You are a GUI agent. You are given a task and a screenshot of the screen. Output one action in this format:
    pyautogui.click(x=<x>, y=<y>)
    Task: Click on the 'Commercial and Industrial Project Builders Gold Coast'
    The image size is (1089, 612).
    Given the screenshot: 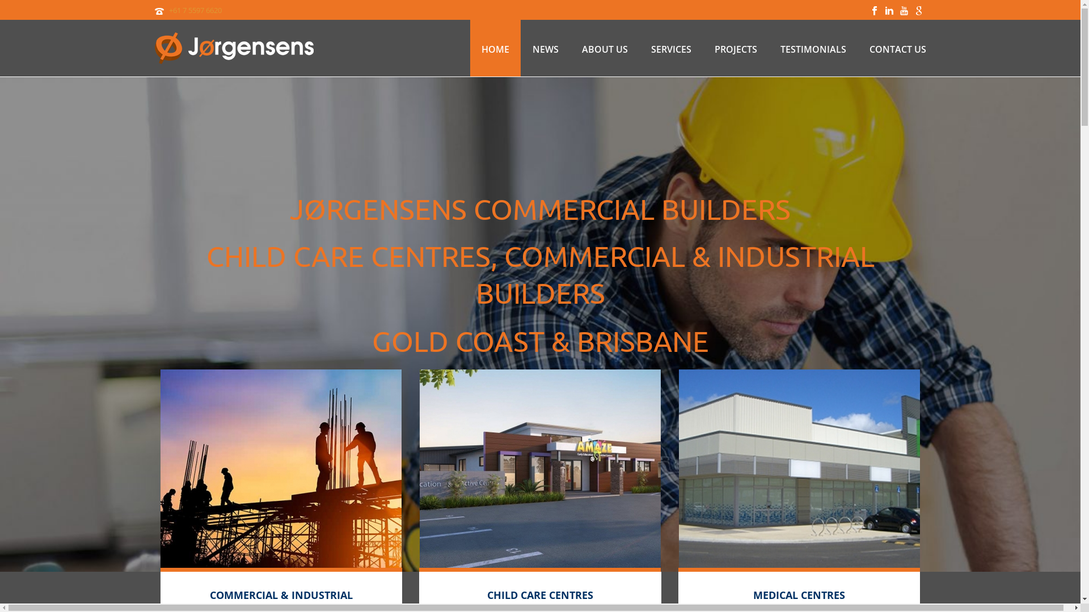 What is the action you would take?
    pyautogui.click(x=233, y=47)
    